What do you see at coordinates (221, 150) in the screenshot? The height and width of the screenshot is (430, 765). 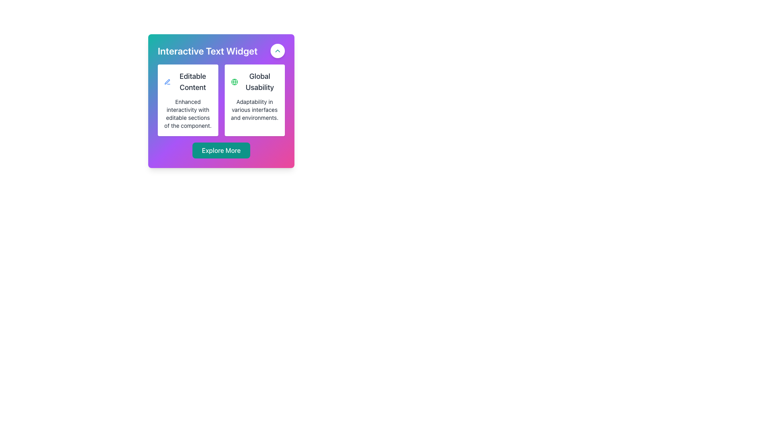 I see `the green button labeled 'Explore More' with rounded edges at the bottom center of the widget` at bounding box center [221, 150].